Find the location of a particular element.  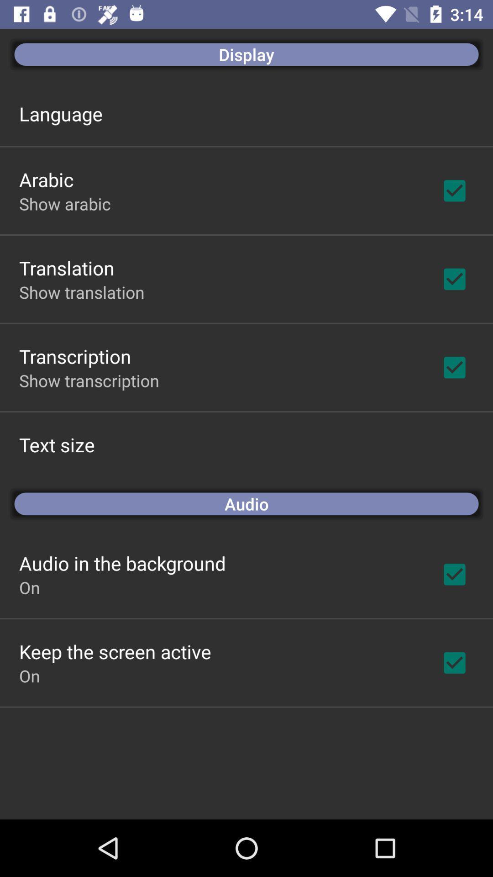

language is located at coordinates (61, 113).